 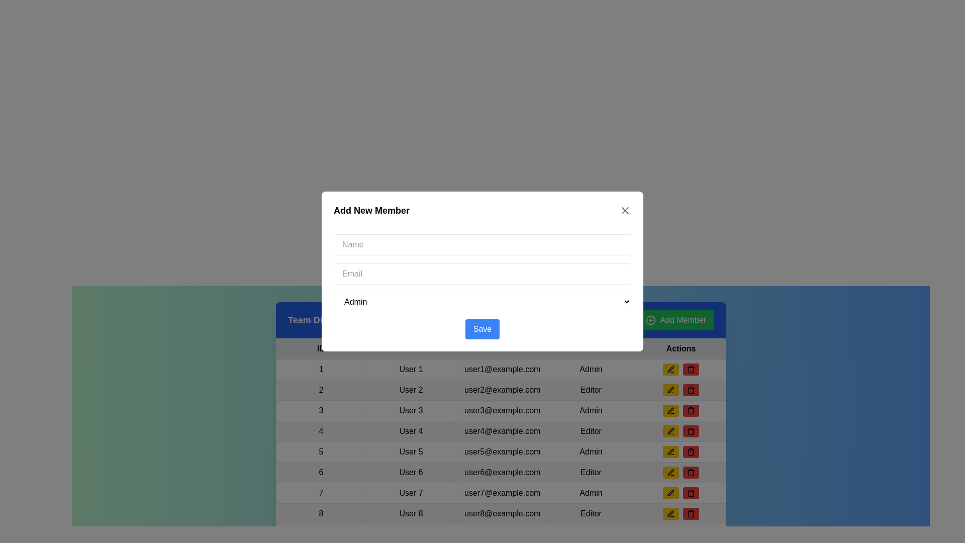 What do you see at coordinates (411, 389) in the screenshot?
I see `the static text displaying 'User 2', which is the second cell in the second row of the table beneath the 'Team Details' header` at bounding box center [411, 389].